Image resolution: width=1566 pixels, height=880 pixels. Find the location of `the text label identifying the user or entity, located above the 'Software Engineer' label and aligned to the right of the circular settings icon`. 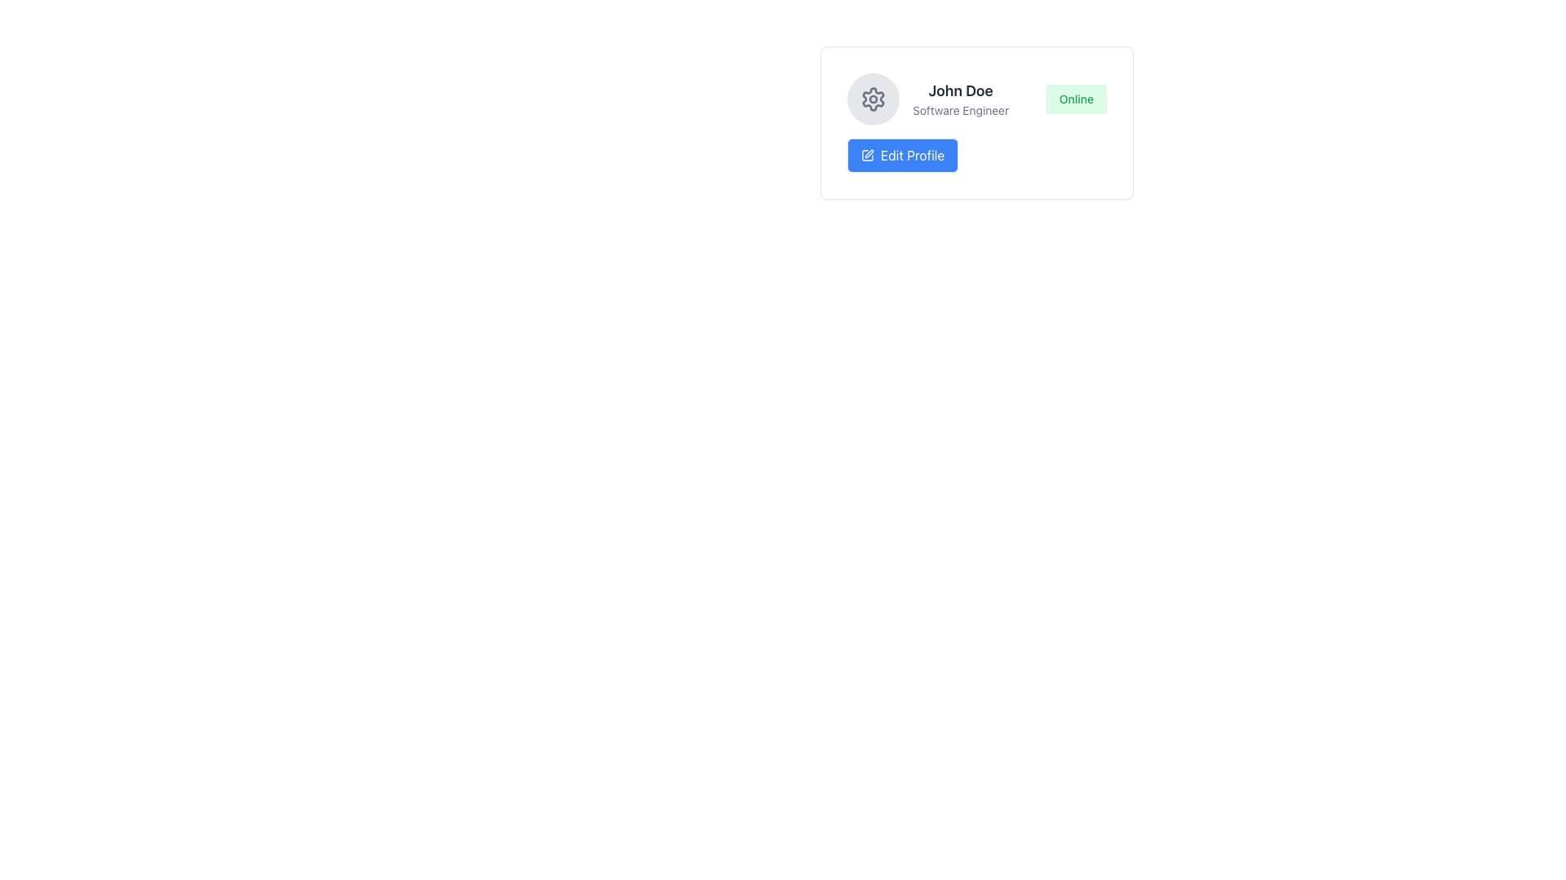

the text label identifying the user or entity, located above the 'Software Engineer' label and aligned to the right of the circular settings icon is located at coordinates (961, 90).